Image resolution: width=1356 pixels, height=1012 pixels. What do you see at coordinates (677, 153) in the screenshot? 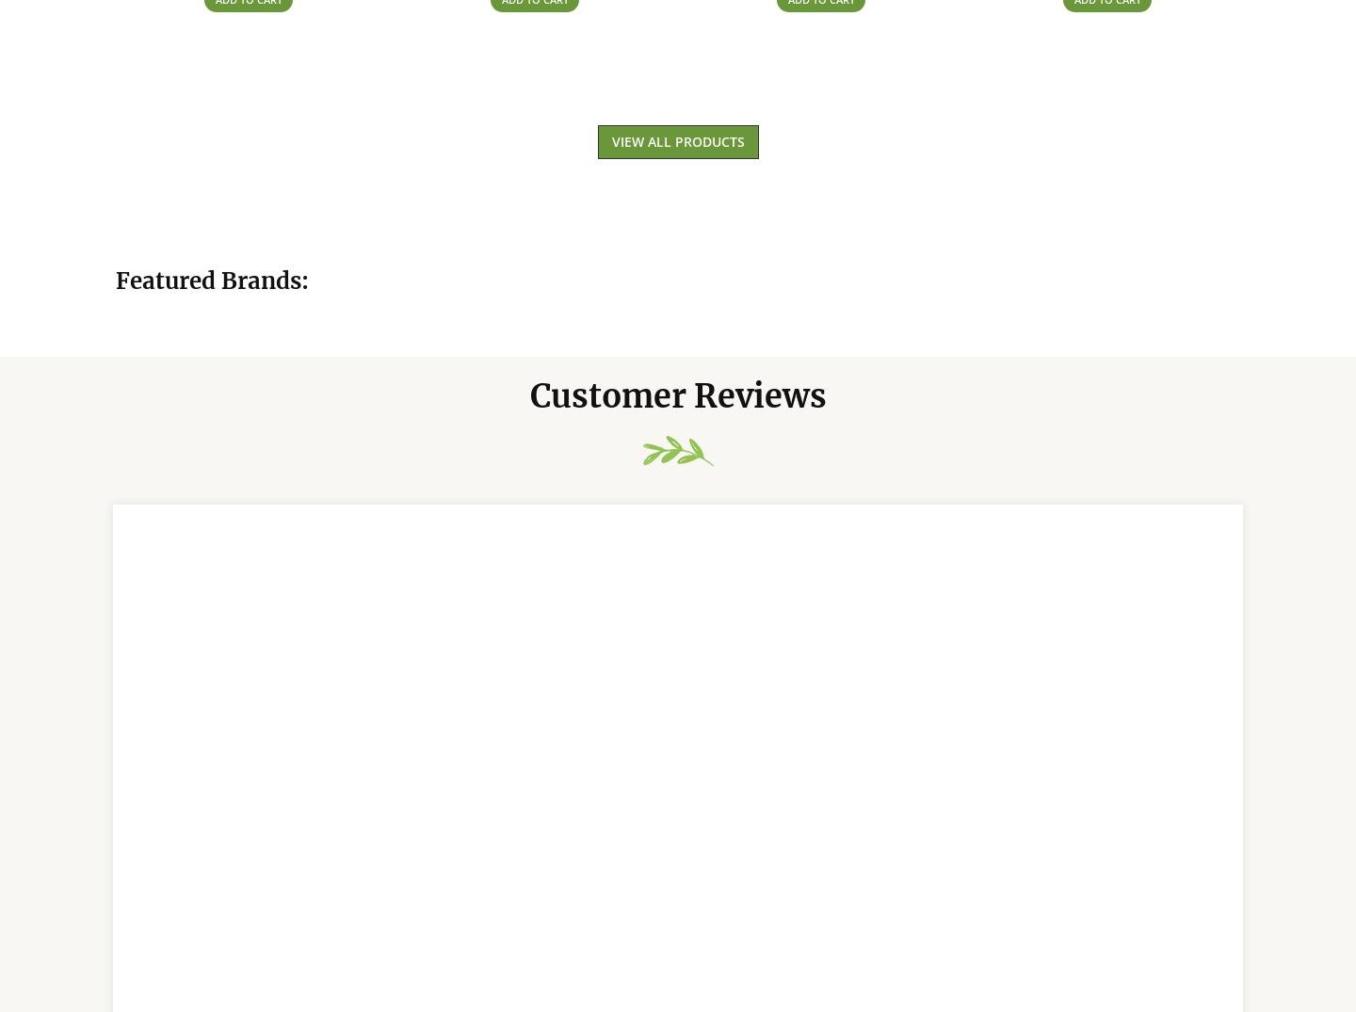
I see `'View All Products'` at bounding box center [677, 153].